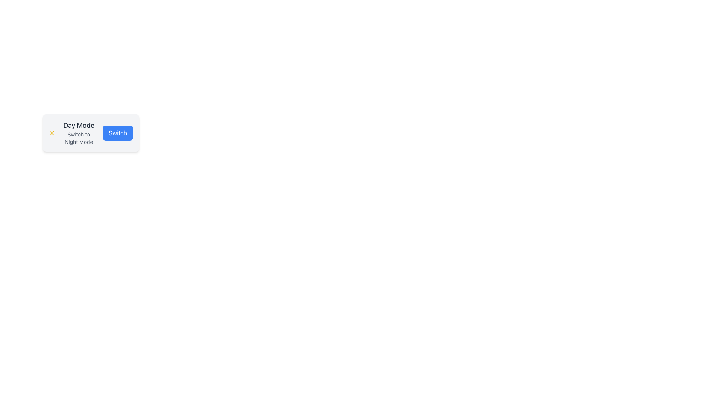 The width and height of the screenshot is (722, 406). I want to click on the Text Label indicating night mode functionality, located directly below the 'Day Mode' text in the vertical stack, so click(79, 138).